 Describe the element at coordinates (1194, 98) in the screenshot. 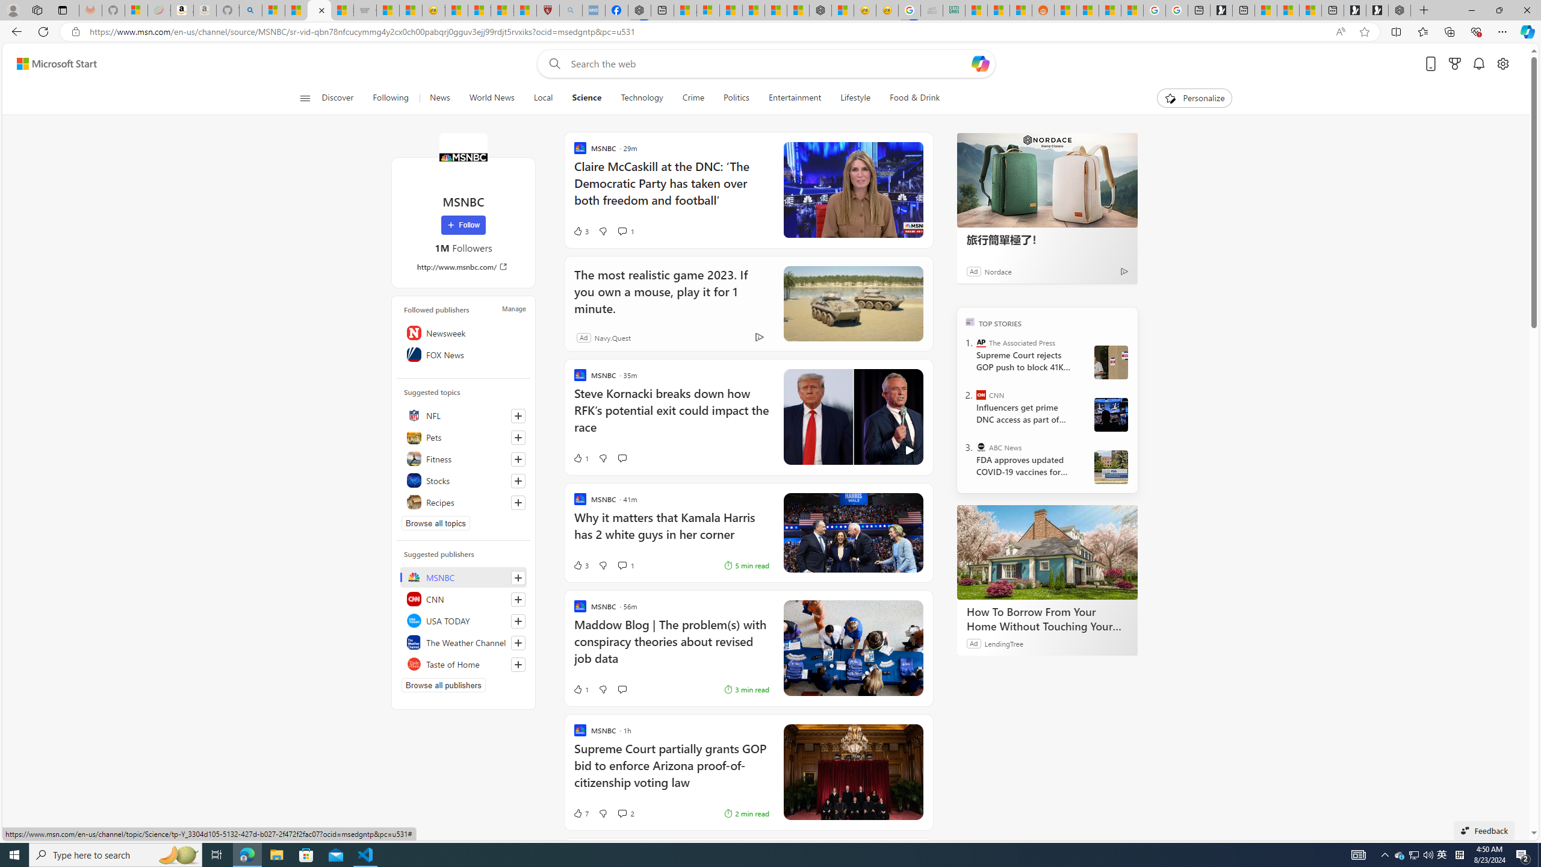

I see `'Personalize'` at that location.